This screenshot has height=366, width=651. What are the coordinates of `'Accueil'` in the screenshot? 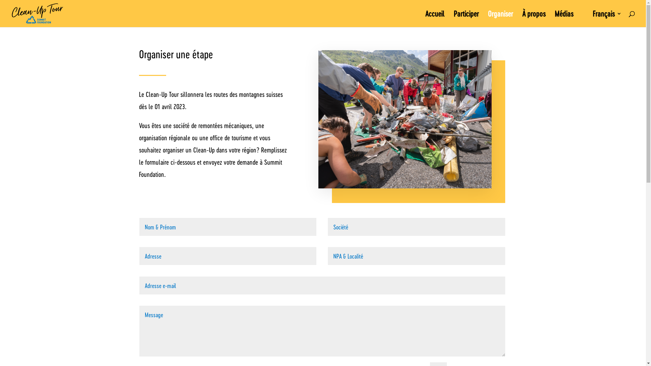 It's located at (435, 19).